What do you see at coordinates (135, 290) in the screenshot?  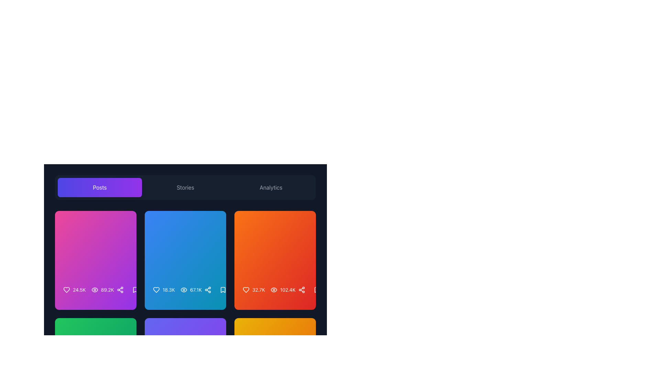 I see `the bookmark icon button located in the bottom-right corner of the first panel` at bounding box center [135, 290].